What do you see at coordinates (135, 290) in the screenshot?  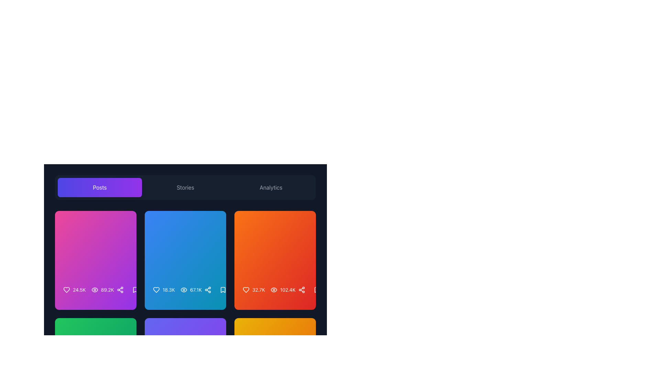 I see `the bookmark icon button located in the bottom-right corner of the first panel` at bounding box center [135, 290].